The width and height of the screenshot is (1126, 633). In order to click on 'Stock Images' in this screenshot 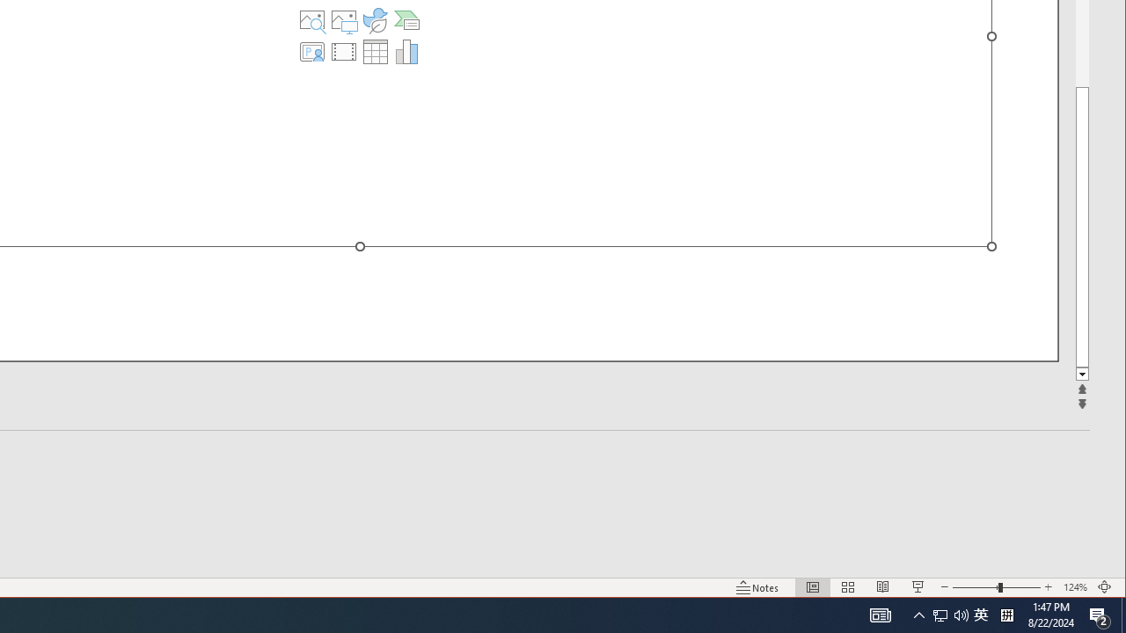, I will do `click(312, 20)`.